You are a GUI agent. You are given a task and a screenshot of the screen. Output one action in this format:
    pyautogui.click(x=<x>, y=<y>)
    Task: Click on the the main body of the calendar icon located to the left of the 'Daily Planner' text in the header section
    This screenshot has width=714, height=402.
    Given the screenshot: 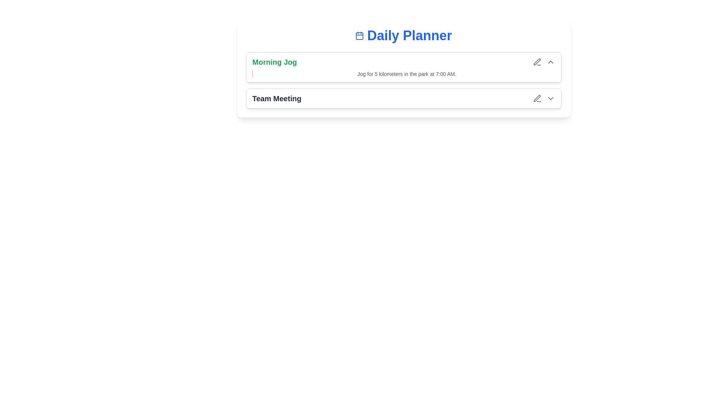 What is the action you would take?
    pyautogui.click(x=360, y=36)
    